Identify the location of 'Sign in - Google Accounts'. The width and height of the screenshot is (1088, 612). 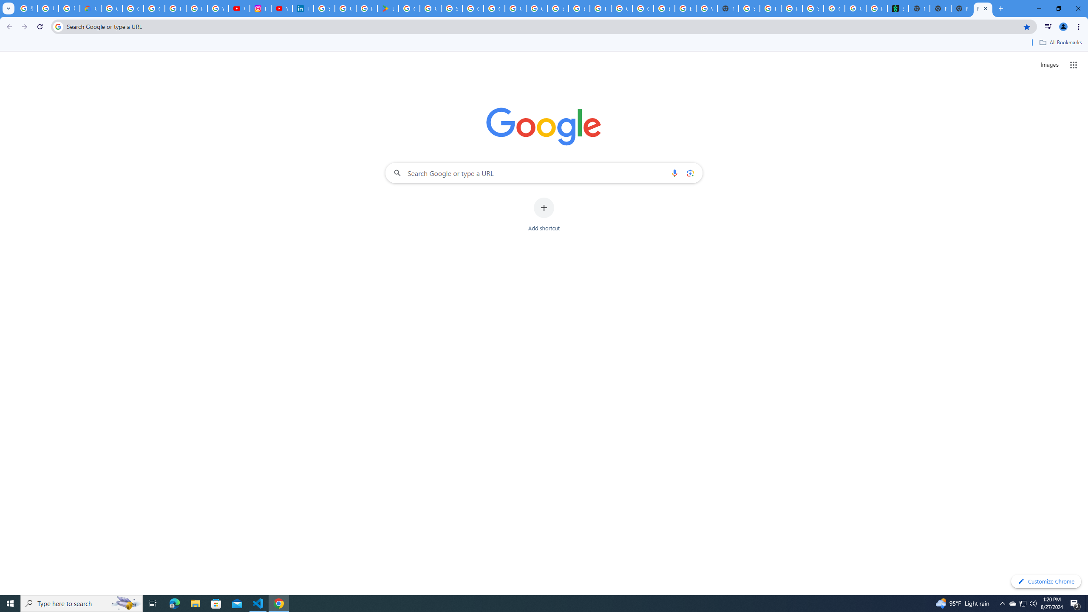
(324, 8).